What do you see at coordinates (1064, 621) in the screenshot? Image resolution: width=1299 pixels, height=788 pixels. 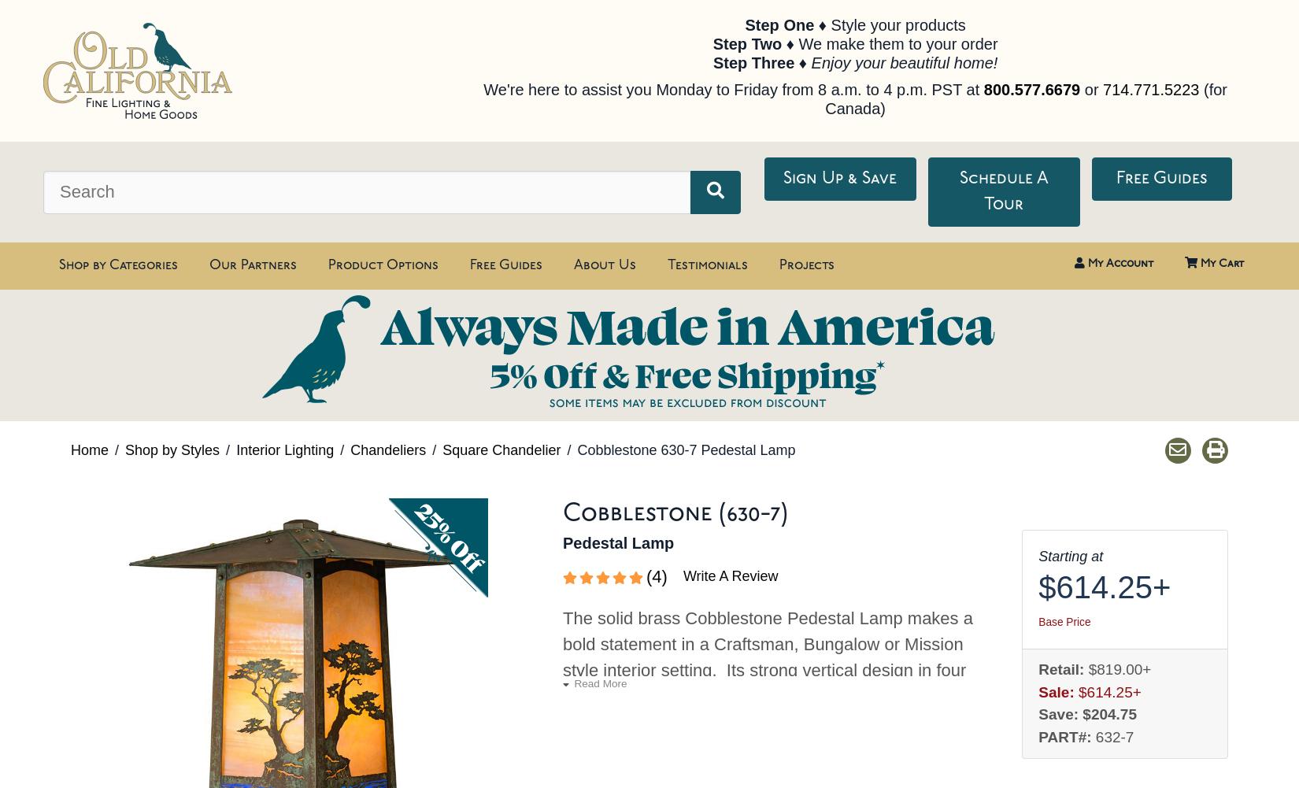 I see `'Base Price'` at bounding box center [1064, 621].